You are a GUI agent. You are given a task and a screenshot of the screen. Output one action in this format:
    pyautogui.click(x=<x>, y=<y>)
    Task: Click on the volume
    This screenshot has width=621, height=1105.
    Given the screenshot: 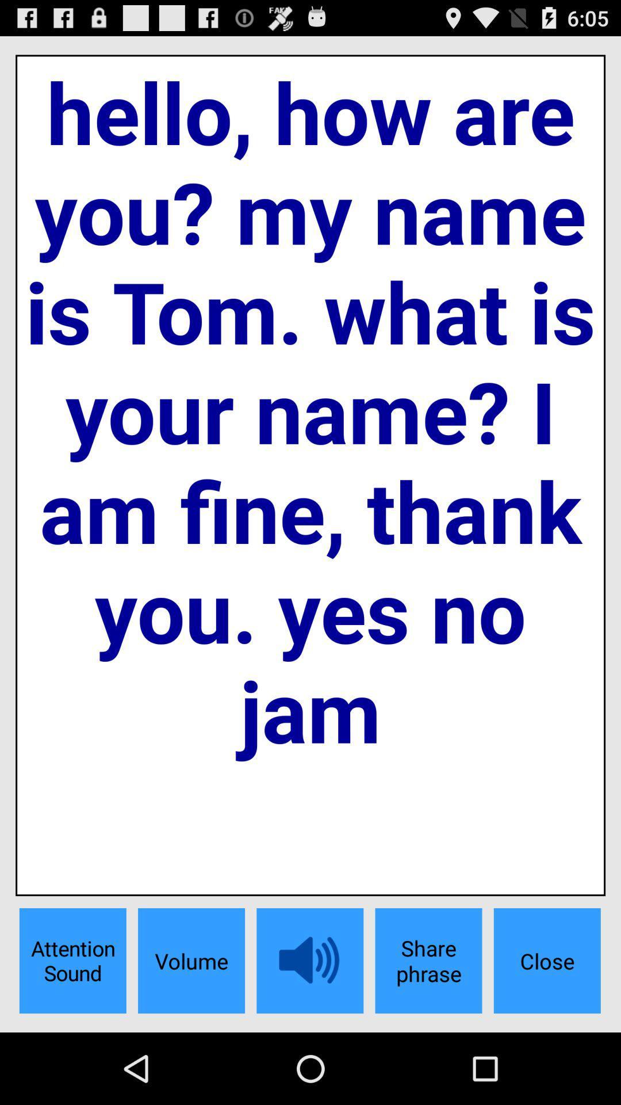 What is the action you would take?
    pyautogui.click(x=190, y=961)
    